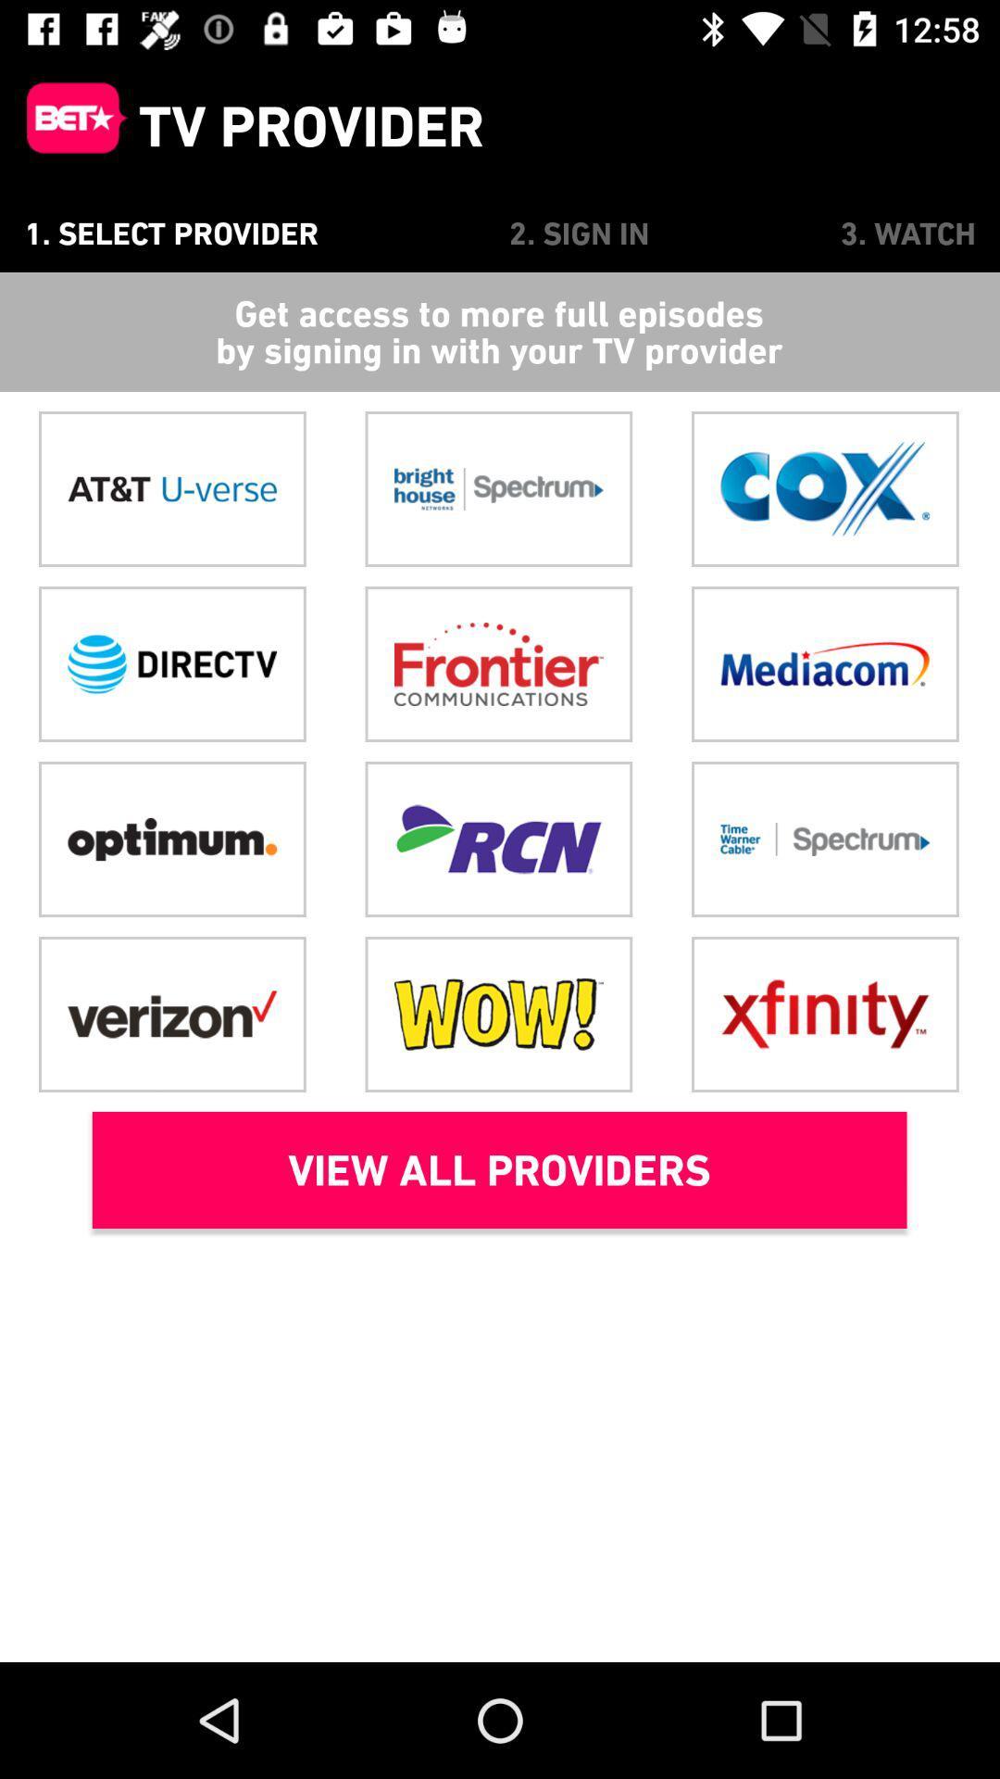 The image size is (1000, 1779). Describe the element at coordinates (498, 1168) in the screenshot. I see `view all providers item` at that location.